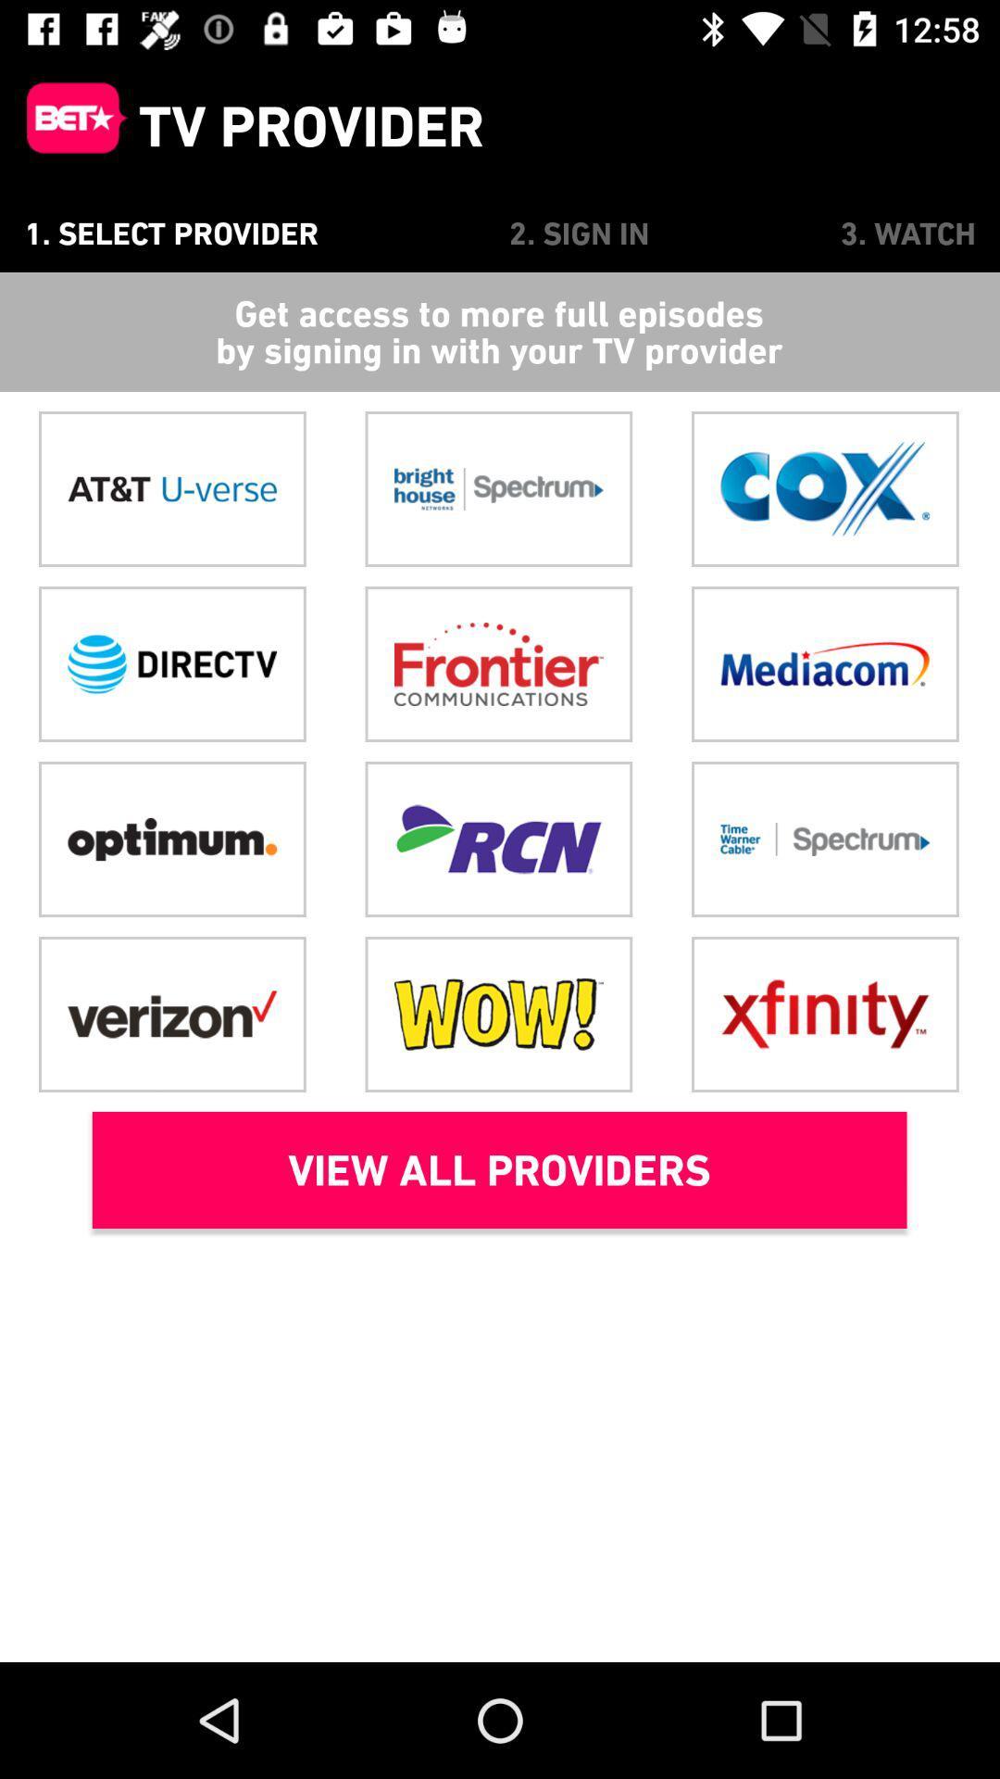 The image size is (1000, 1779). Describe the element at coordinates (498, 1168) in the screenshot. I see `view all providers item` at that location.